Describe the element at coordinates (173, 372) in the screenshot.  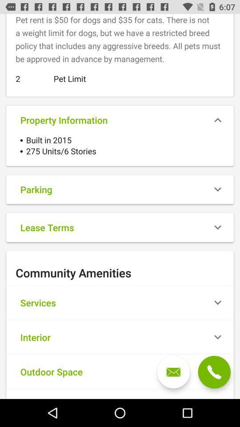
I see `the email icon` at that location.